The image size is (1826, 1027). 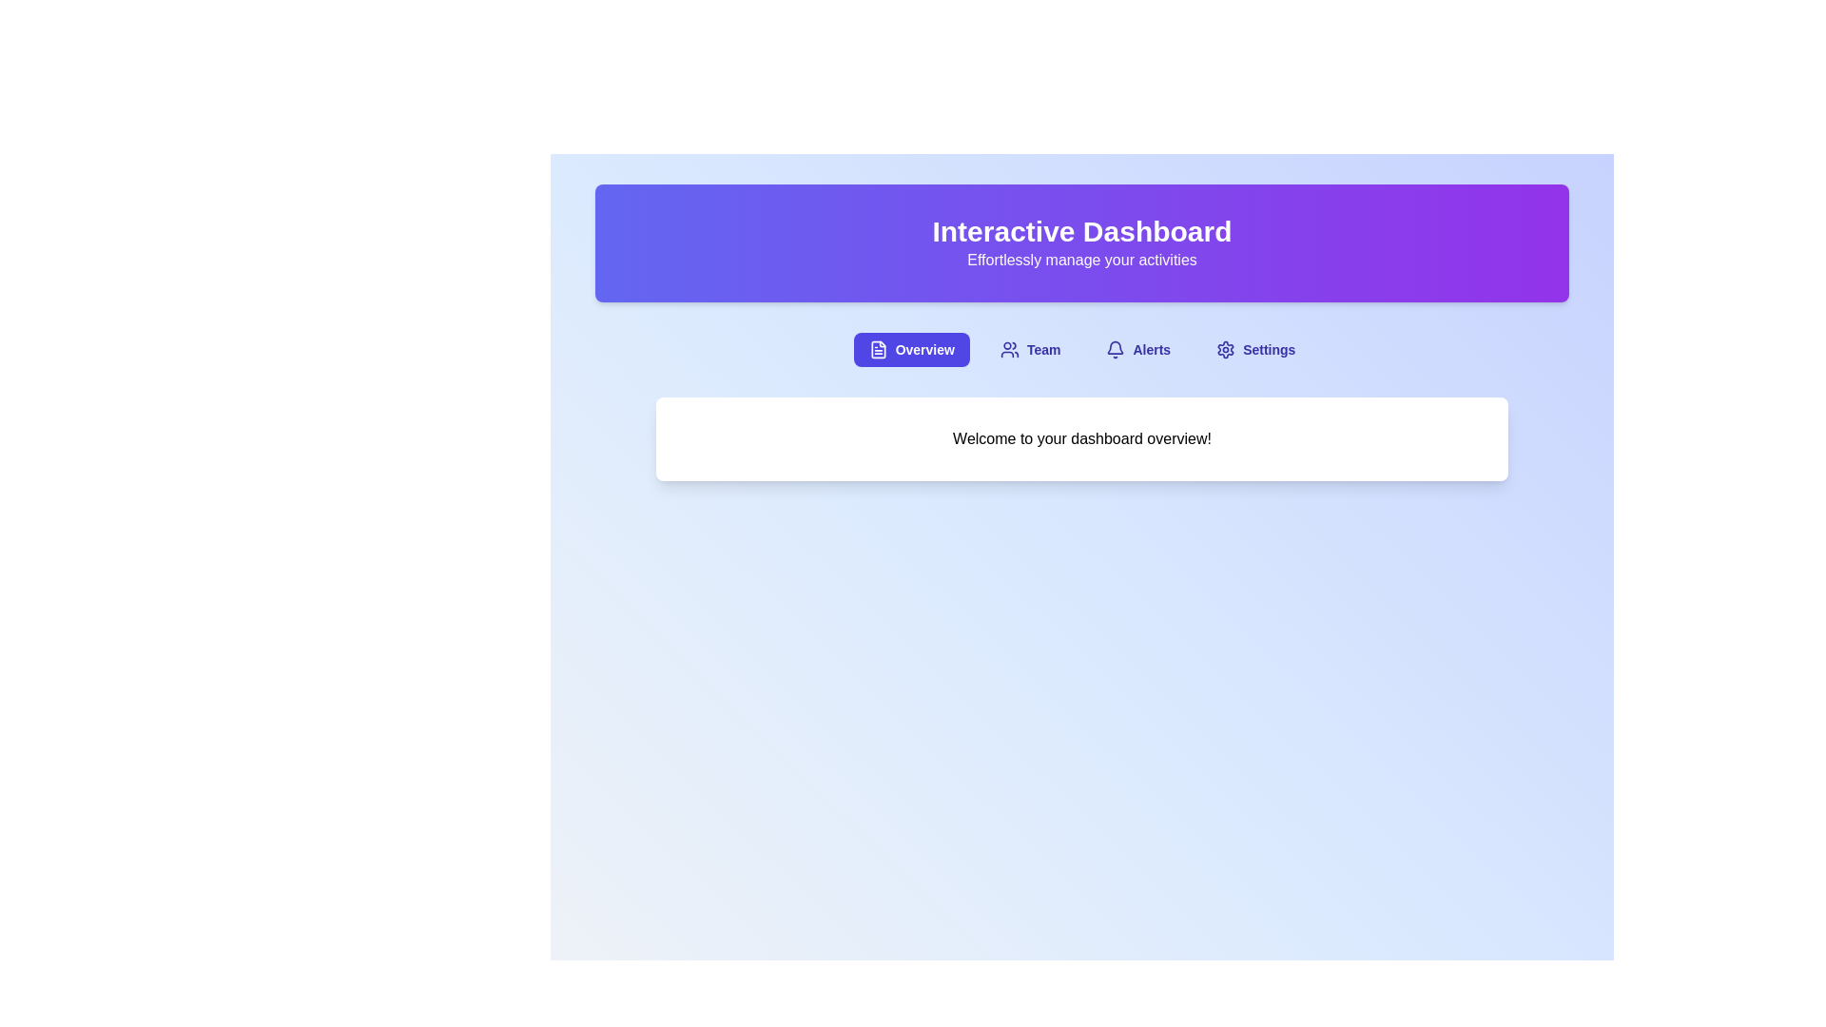 I want to click on the bell notification icon, which is part of the navigation bar located below the main heading section and aligned in the center of its space, so click(x=1116, y=347).